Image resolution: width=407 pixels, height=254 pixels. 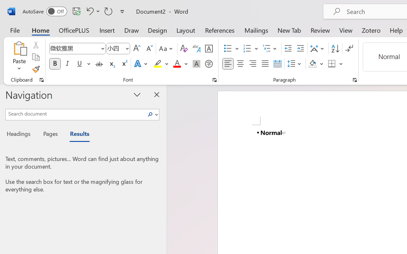 I want to click on 'Align Left', so click(x=228, y=64).